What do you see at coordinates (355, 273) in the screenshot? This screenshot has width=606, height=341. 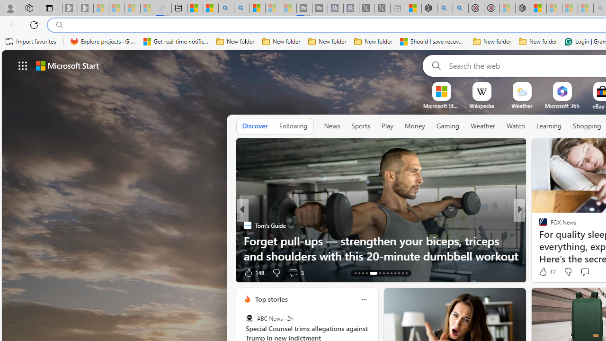 I see `'AutomationID: tab-13'` at bounding box center [355, 273].